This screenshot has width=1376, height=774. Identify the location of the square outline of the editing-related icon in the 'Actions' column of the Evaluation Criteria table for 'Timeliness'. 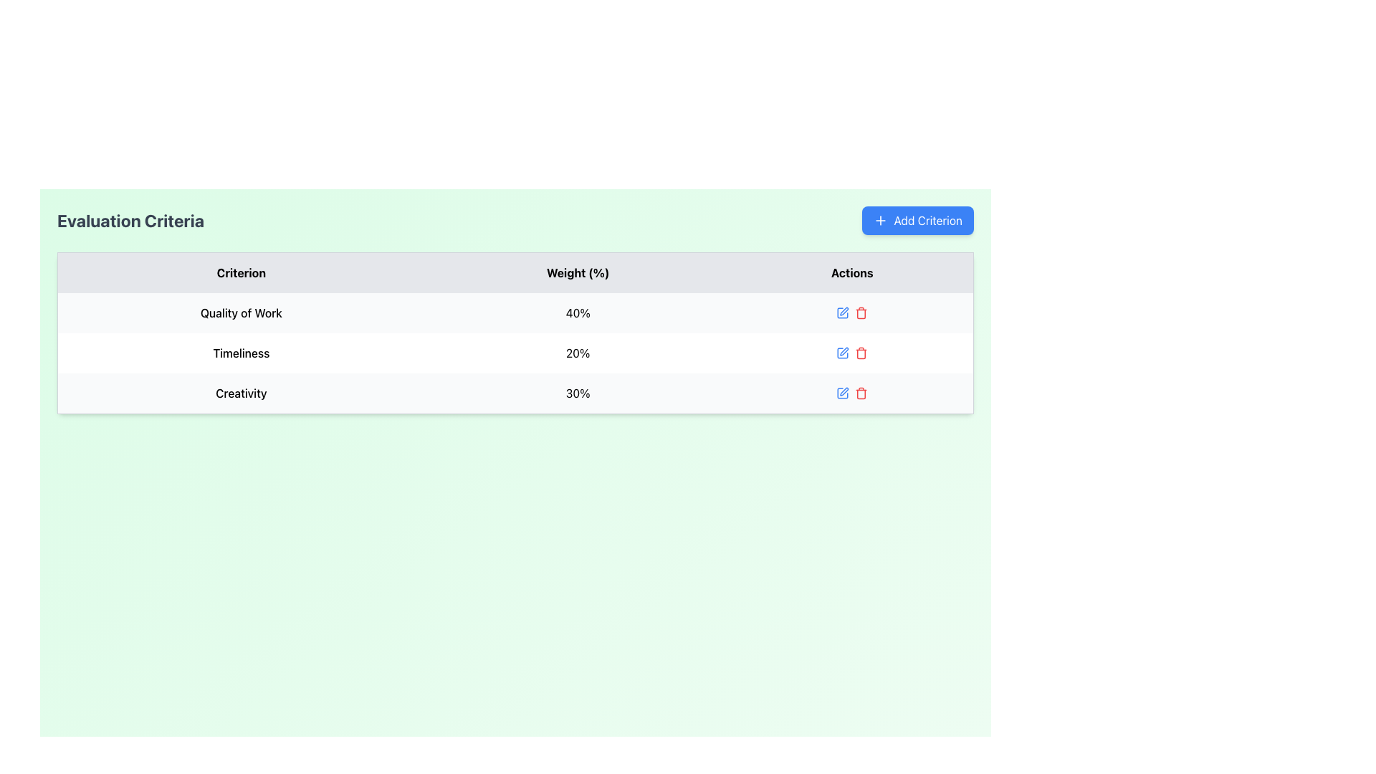
(843, 353).